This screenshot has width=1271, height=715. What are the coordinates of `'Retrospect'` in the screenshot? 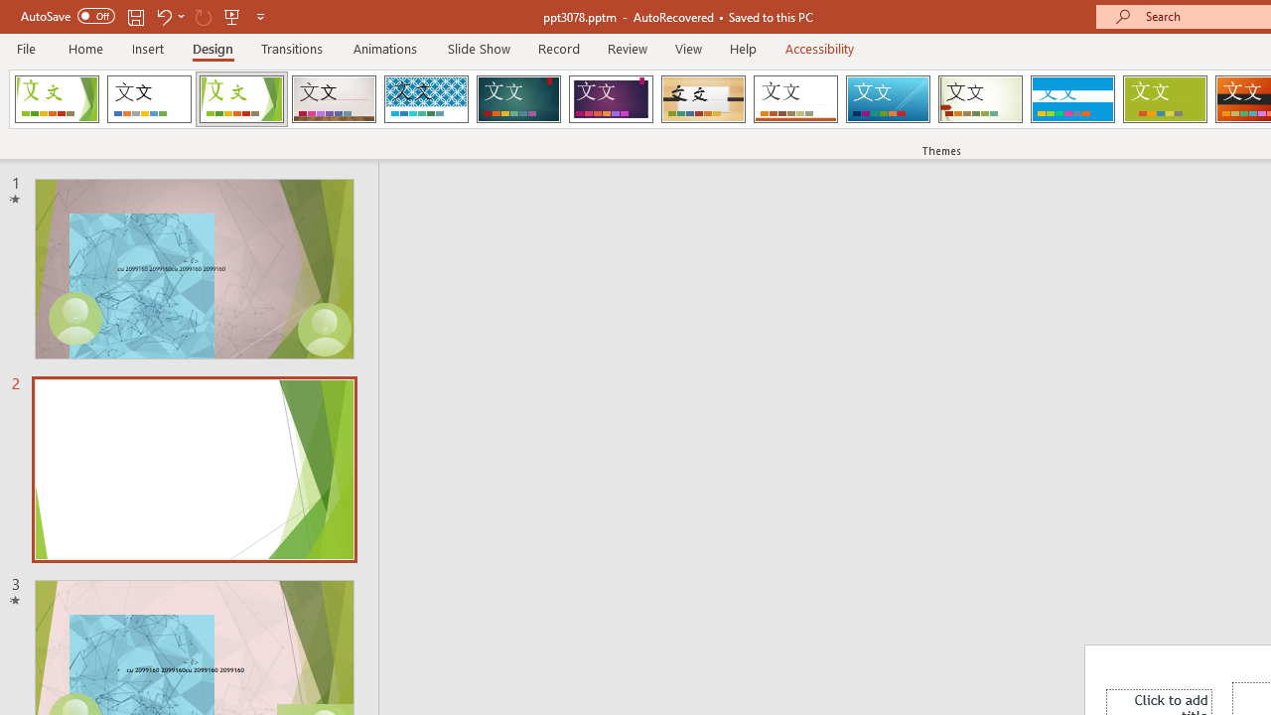 It's located at (795, 99).